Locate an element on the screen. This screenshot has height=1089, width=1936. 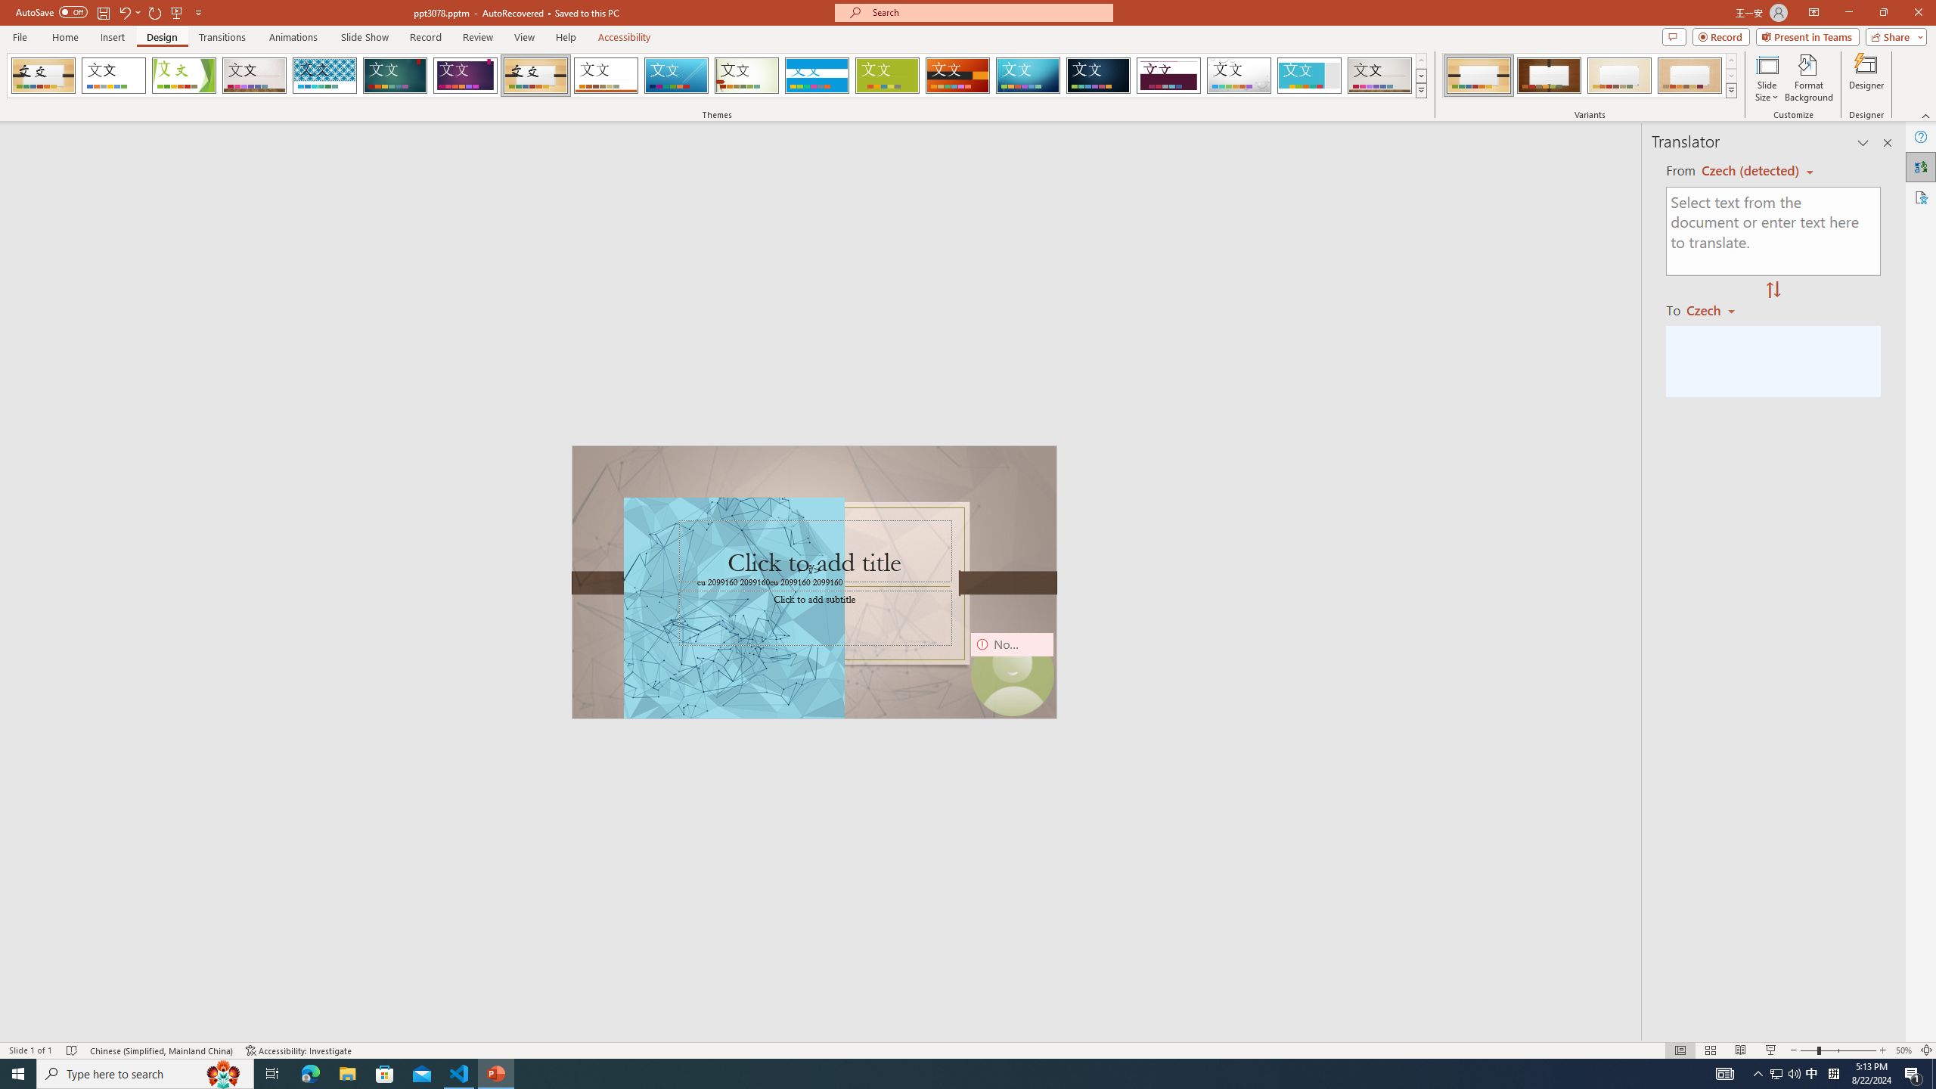
'Variants' is located at coordinates (1730, 89).